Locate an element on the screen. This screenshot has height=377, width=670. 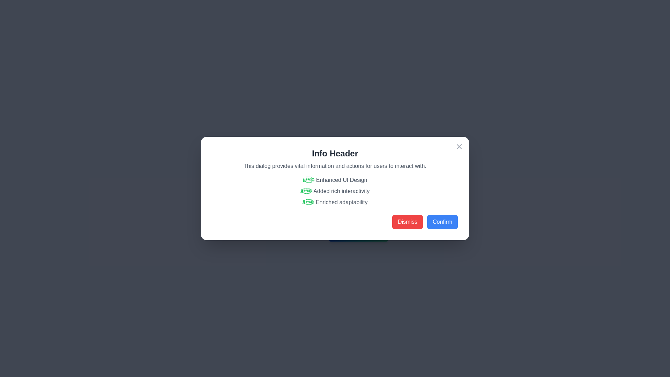
the second bullet point in the list styled in bold green text that says 'Added rich interactivity' within the modal dialog under the header 'Info Header' is located at coordinates (306, 191).